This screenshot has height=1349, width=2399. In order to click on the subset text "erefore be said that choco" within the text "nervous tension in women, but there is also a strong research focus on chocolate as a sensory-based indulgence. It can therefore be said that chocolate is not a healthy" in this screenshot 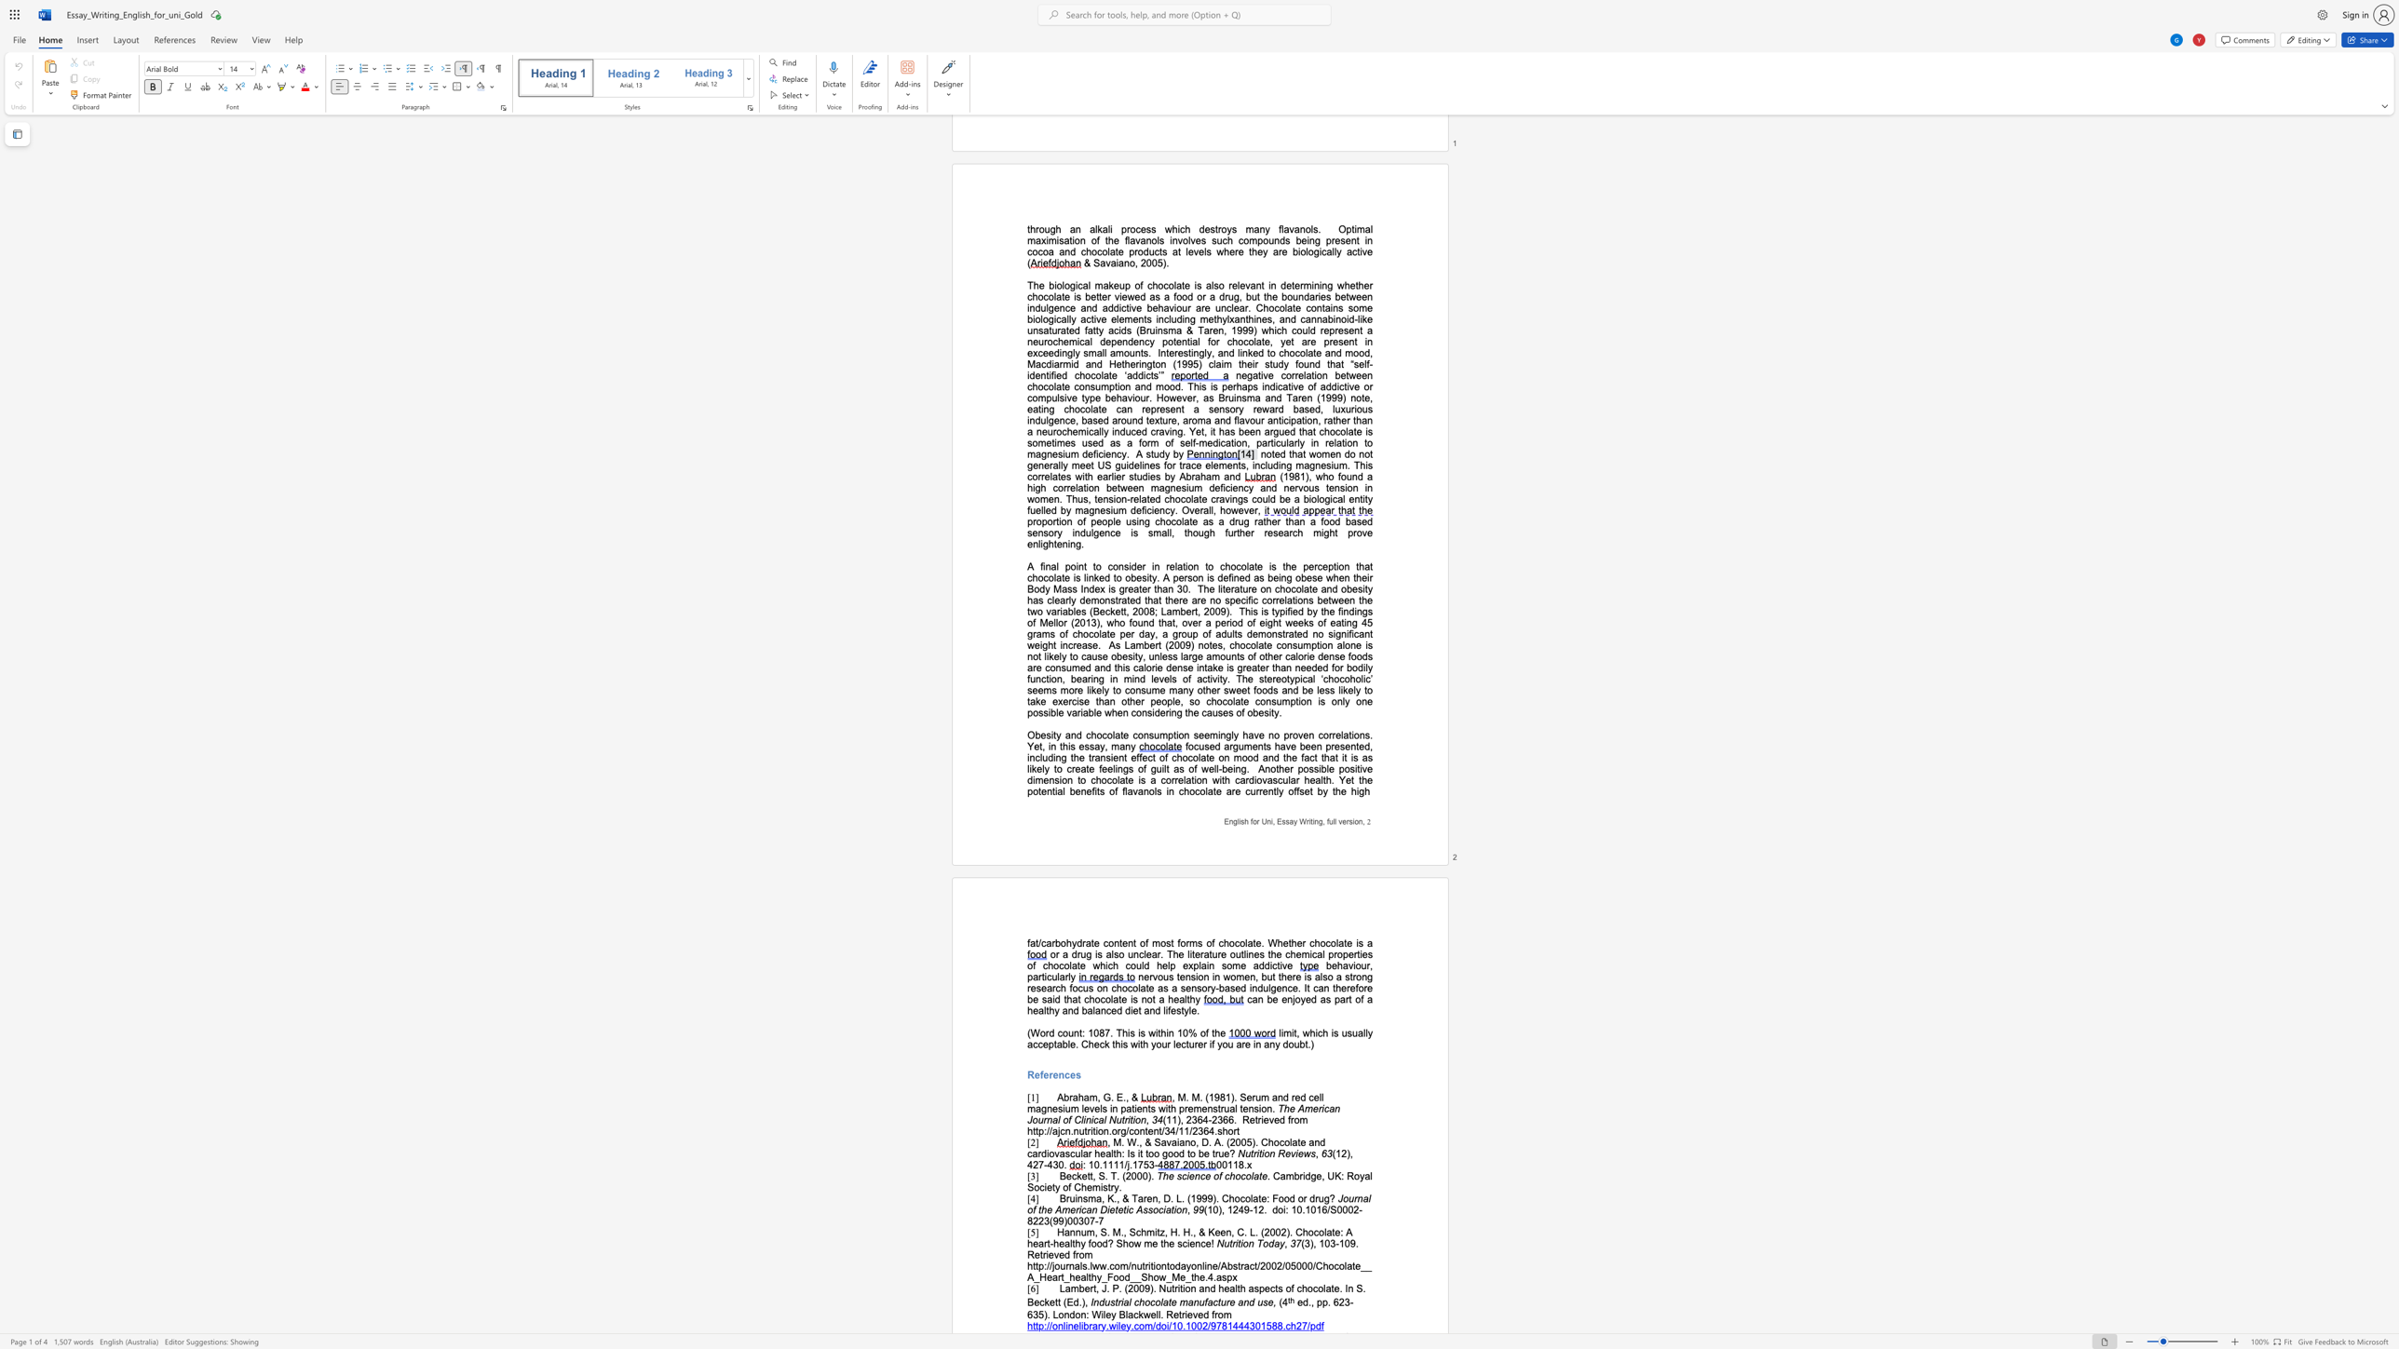, I will do `click(1340, 988)`.